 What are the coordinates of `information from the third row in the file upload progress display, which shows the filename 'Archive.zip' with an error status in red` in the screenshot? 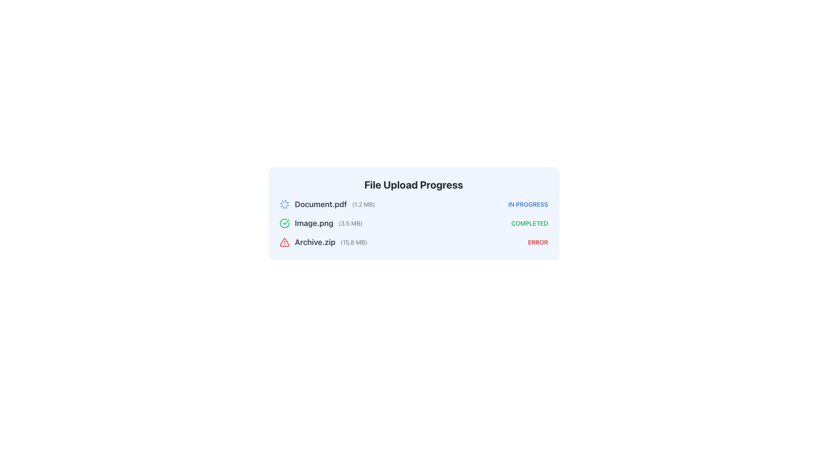 It's located at (413, 242).